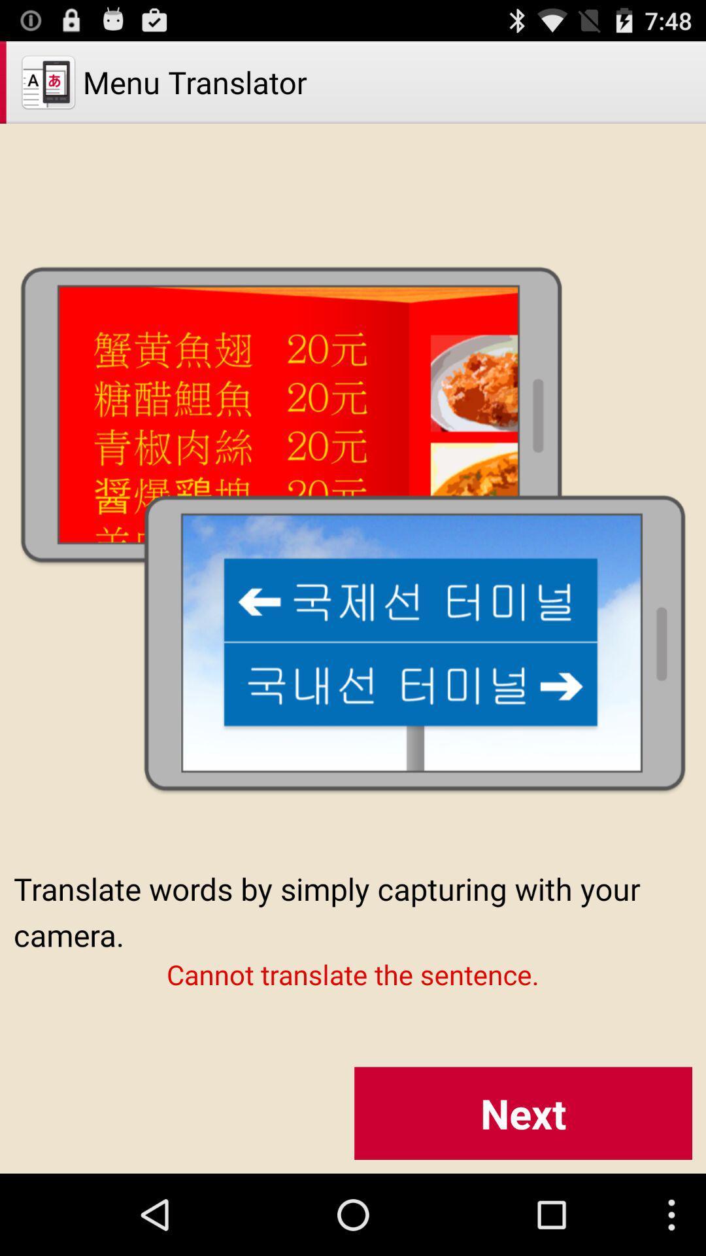 The height and width of the screenshot is (1256, 706). I want to click on the next icon, so click(522, 1113).